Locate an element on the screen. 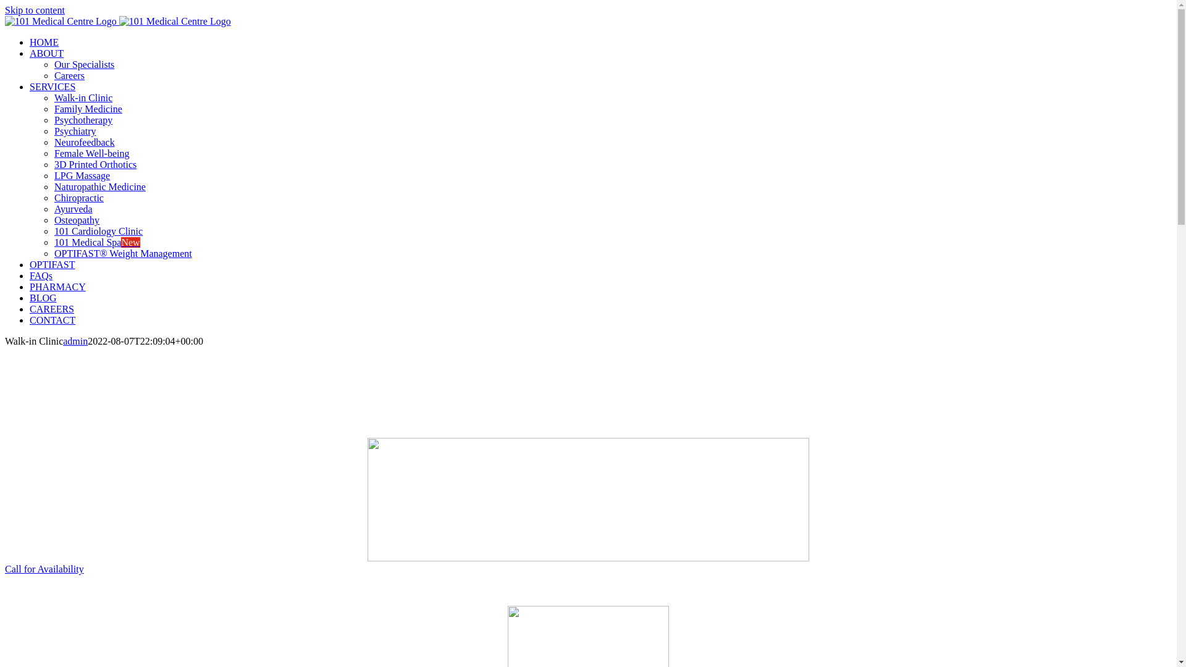  '101 Cardiology Clinic' is located at coordinates (98, 231).